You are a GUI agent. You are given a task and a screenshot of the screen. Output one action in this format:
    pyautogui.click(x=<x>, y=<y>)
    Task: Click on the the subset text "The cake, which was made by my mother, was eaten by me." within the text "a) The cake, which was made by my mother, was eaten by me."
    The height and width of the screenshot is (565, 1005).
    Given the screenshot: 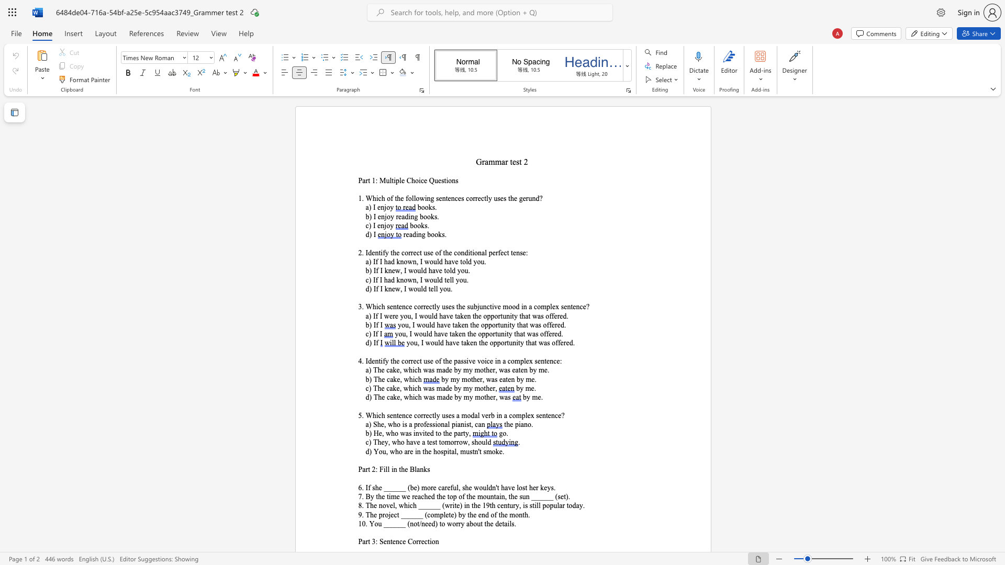 What is the action you would take?
    pyautogui.click(x=373, y=369)
    